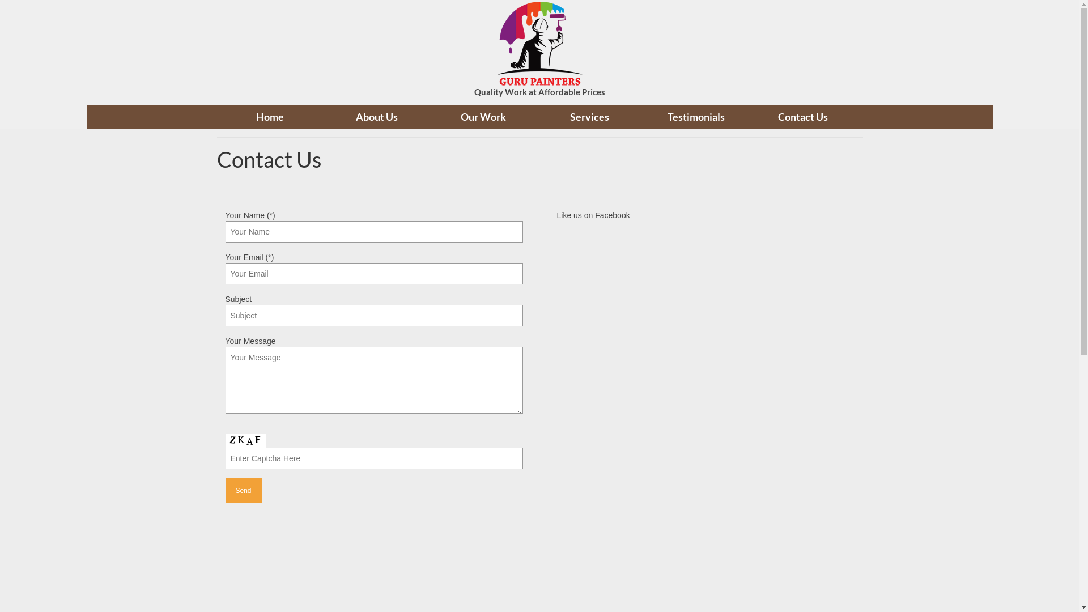 This screenshot has width=1088, height=612. Describe the element at coordinates (216, 116) in the screenshot. I see `'Home'` at that location.